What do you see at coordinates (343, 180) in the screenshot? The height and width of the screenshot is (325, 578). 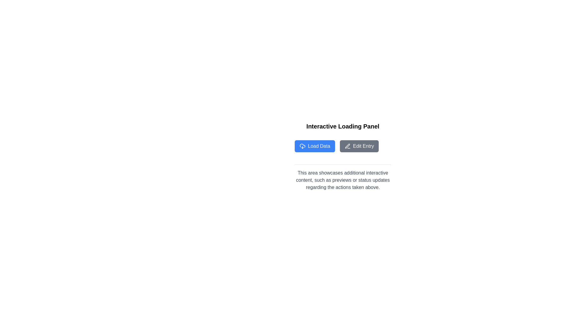 I see `the text block that reads 'This area showcases additional interactive content, such as previews or status updates regarding the actions taken above.' which is styled with a gray font and positioned below the 'Load Data' and 'Edit Entry' buttons` at bounding box center [343, 180].